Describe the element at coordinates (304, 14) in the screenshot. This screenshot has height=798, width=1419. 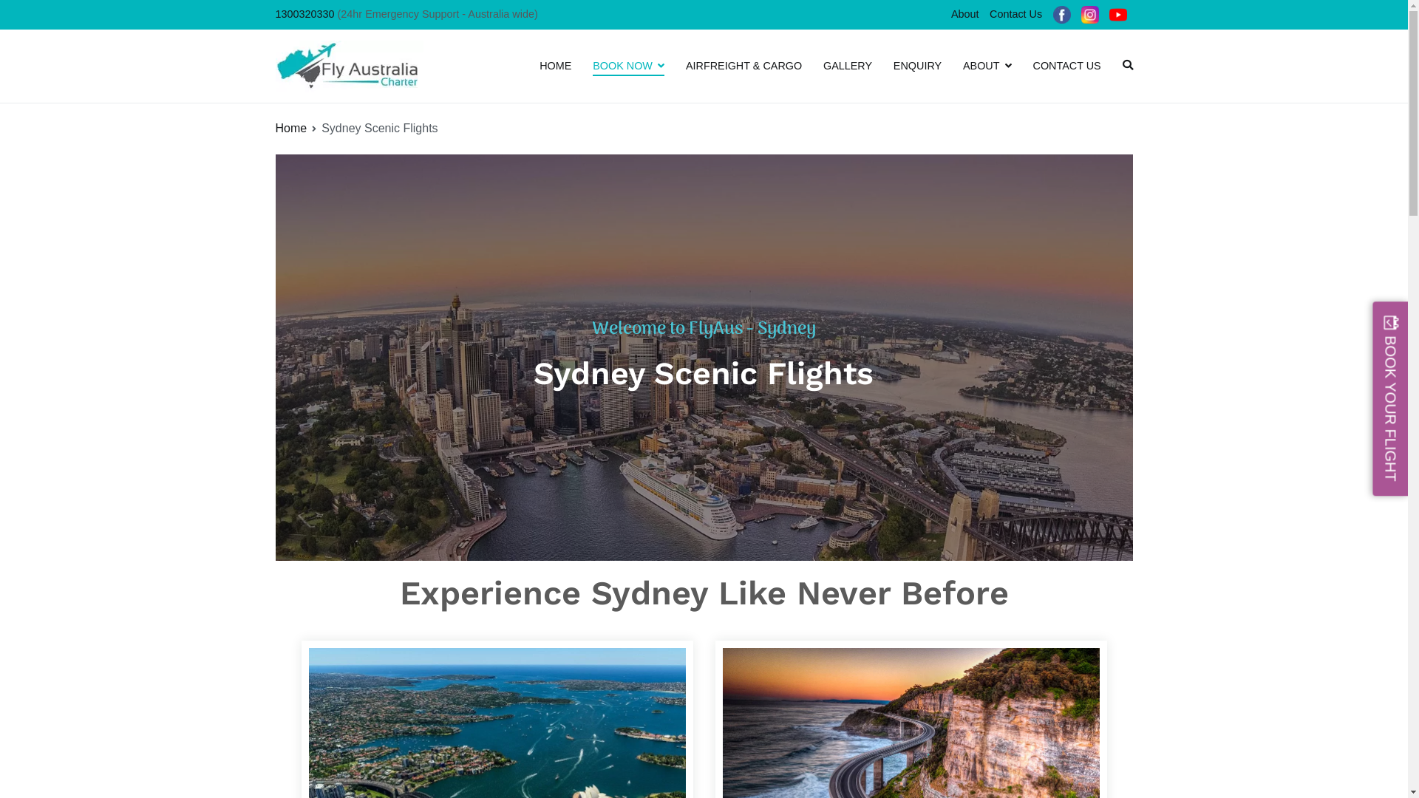
I see `'1300320330'` at that location.